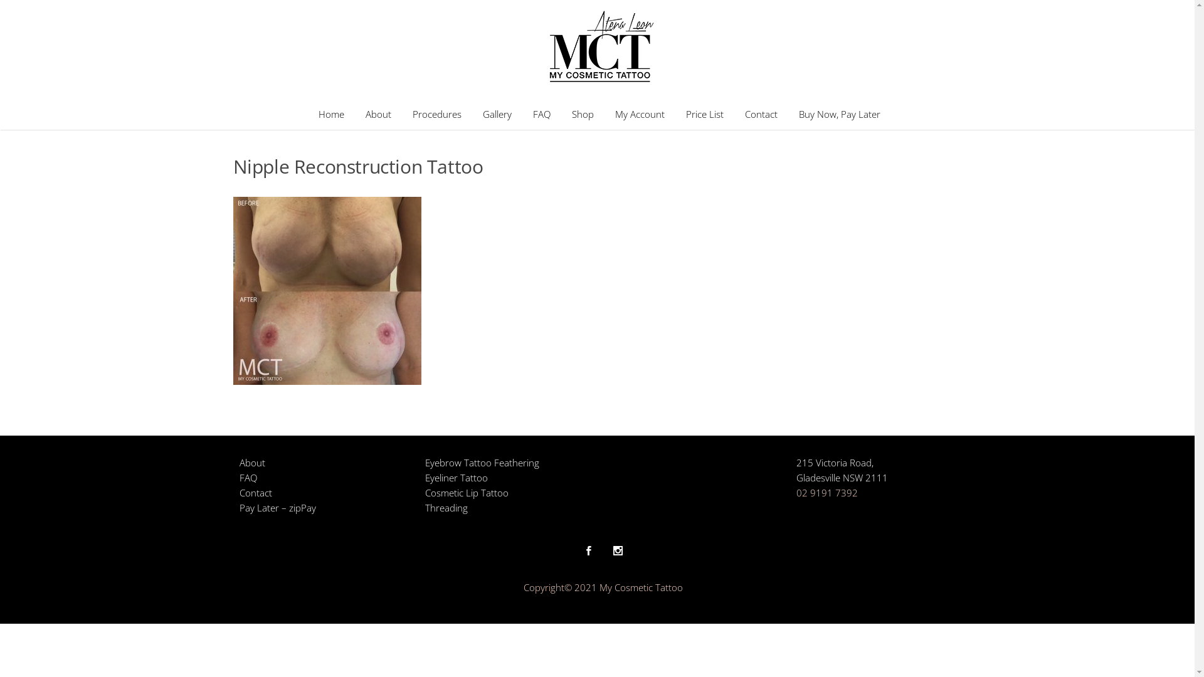  What do you see at coordinates (466, 492) in the screenshot?
I see `'Cosmetic Lip Tattoo'` at bounding box center [466, 492].